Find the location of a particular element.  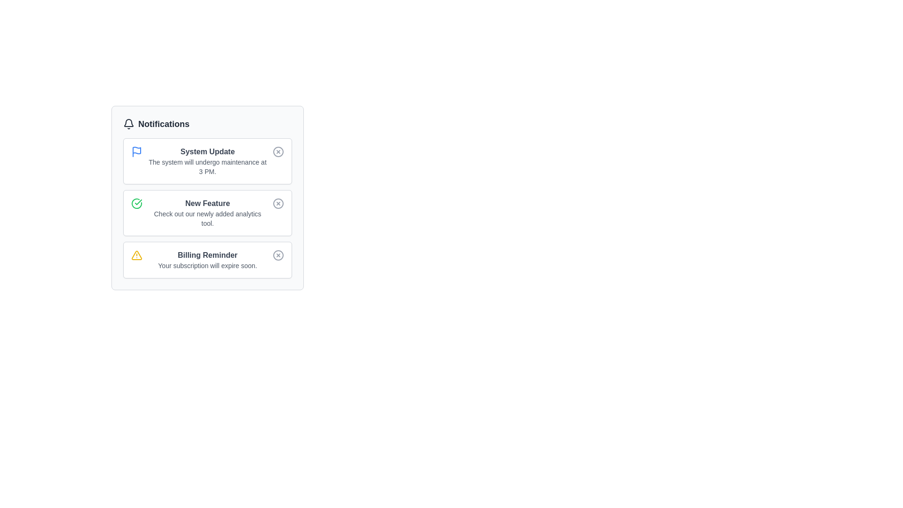

the Text label that informs the user of an upcoming expiration of their subscription, which is positioned directly below the 'Billing Reminder' title within the notification card is located at coordinates (207, 265).